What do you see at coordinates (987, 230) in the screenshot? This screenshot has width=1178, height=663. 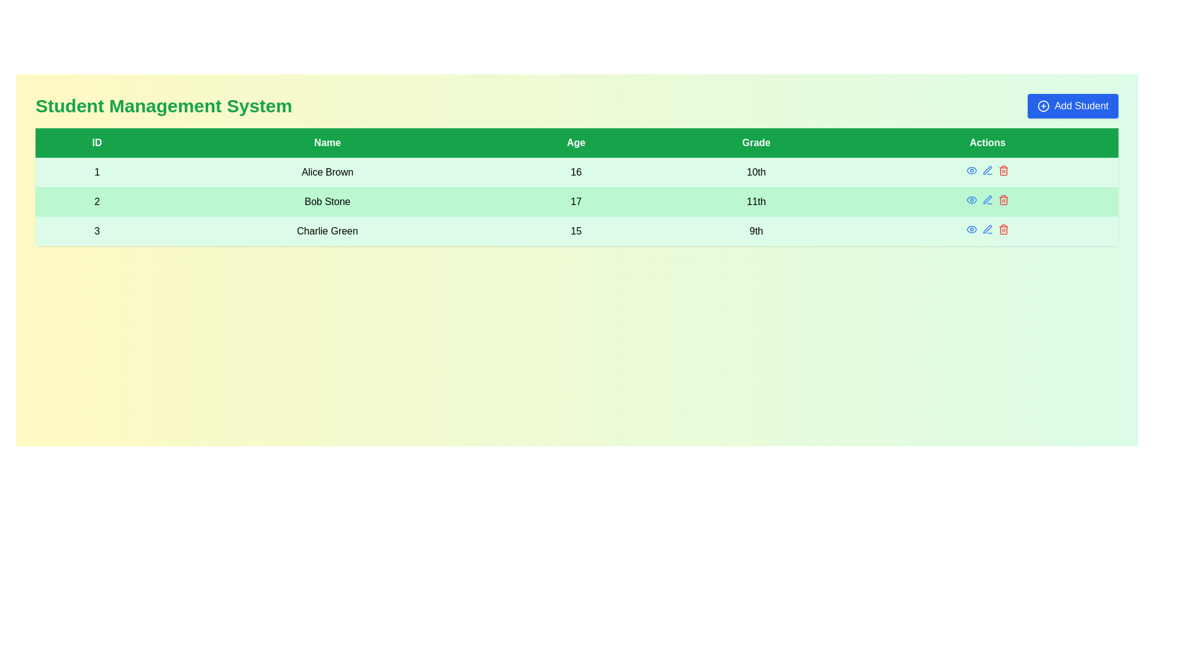 I see `the blue pen icon in the Actions column of the last row of the table` at bounding box center [987, 230].